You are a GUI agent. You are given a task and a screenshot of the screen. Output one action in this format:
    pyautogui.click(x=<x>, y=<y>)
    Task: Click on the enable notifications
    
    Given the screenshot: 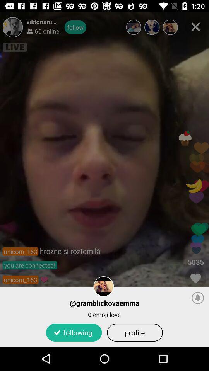 What is the action you would take?
    pyautogui.click(x=198, y=297)
    